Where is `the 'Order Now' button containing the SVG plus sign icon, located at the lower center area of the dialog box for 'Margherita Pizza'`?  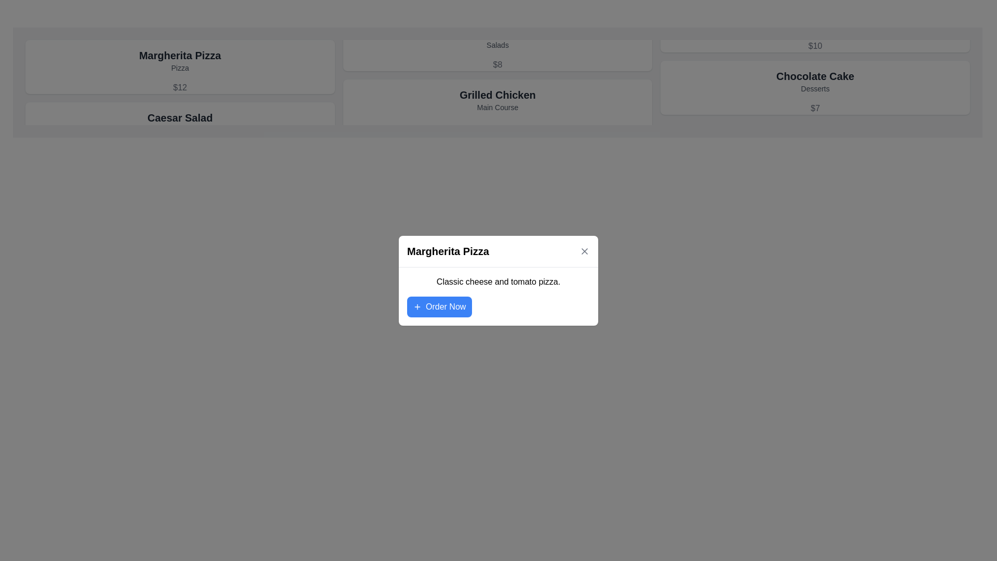
the 'Order Now' button containing the SVG plus sign icon, located at the lower center area of the dialog box for 'Margherita Pizza' is located at coordinates (417, 306).